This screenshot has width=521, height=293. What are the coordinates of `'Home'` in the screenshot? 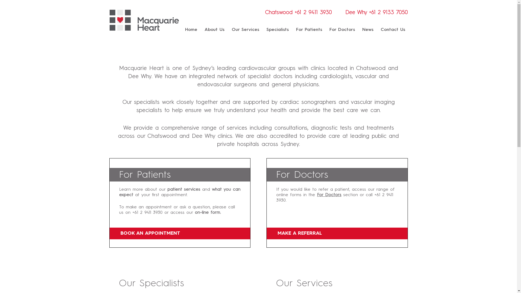 It's located at (185, 30).